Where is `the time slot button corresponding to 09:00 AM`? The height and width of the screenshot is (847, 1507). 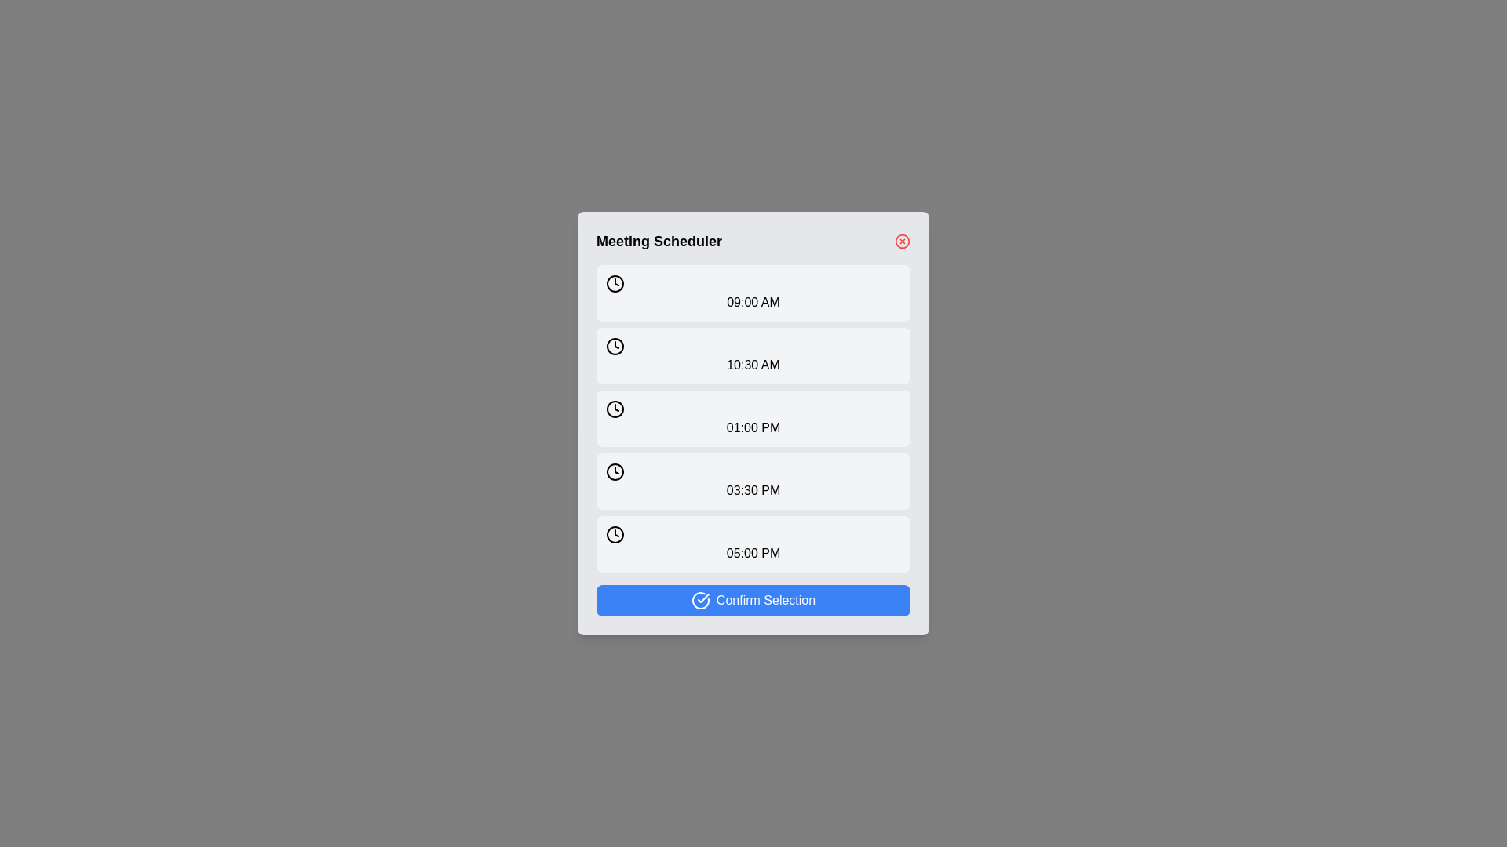
the time slot button corresponding to 09:00 AM is located at coordinates (753, 293).